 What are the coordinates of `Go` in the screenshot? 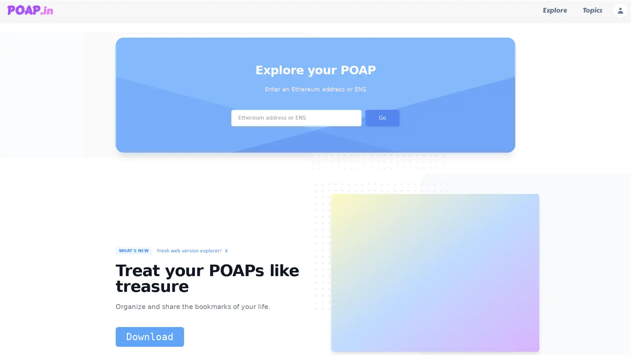 It's located at (382, 117).